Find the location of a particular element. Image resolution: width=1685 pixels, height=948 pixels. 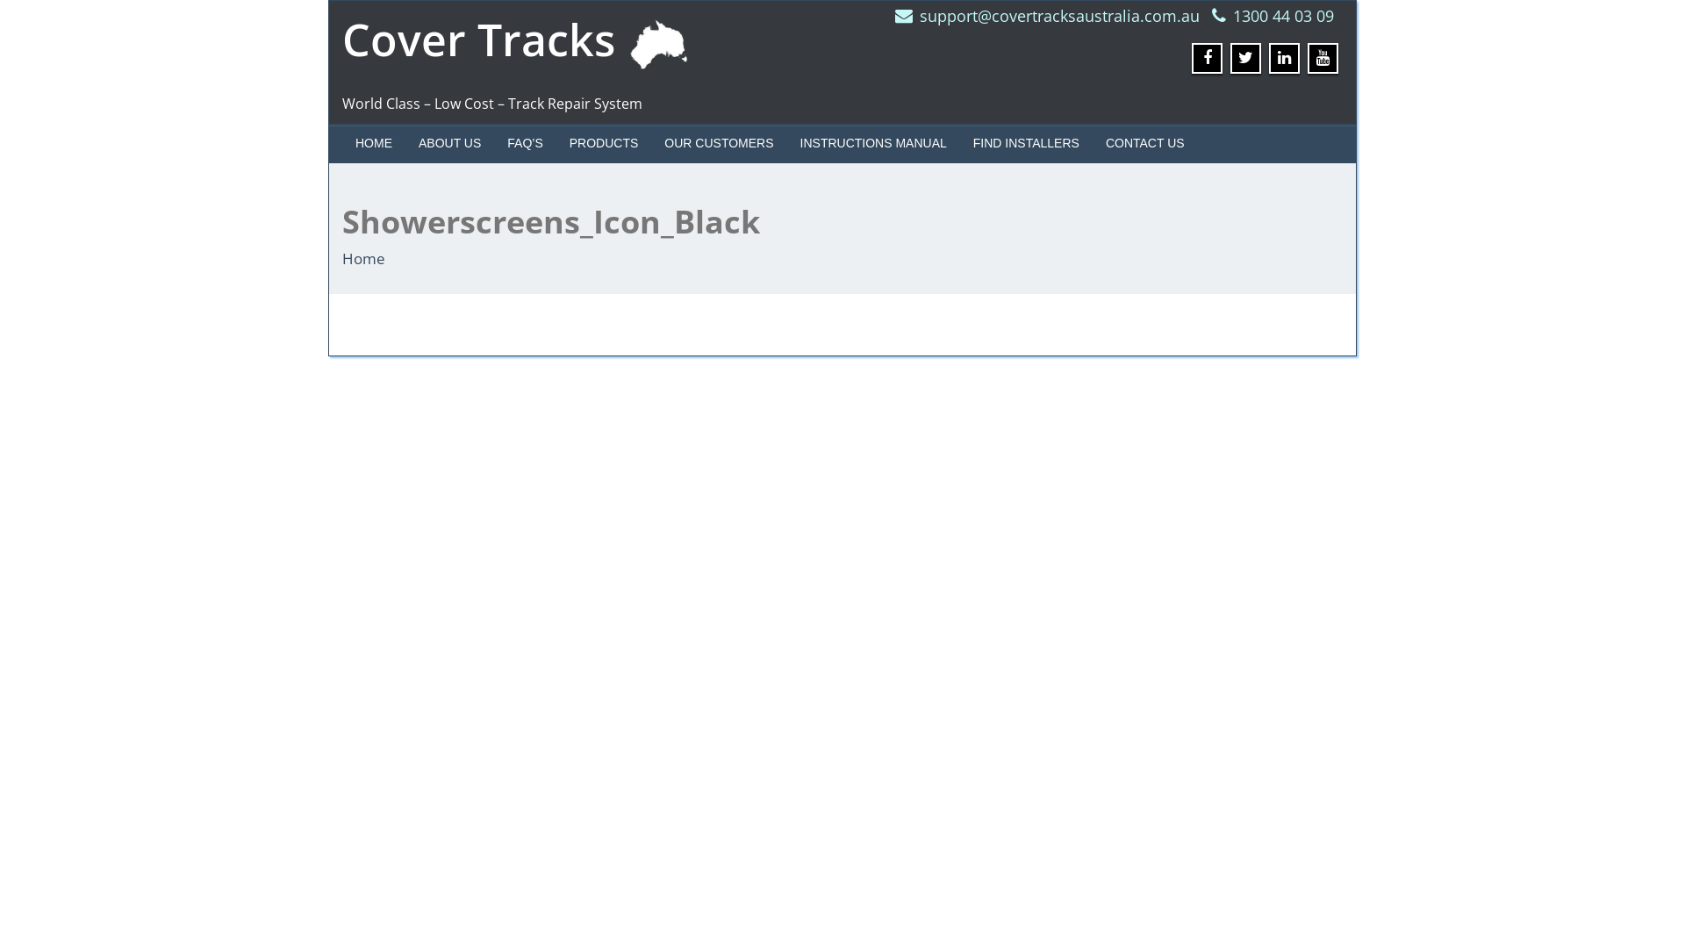

'Youtube' is located at coordinates (1323, 57).